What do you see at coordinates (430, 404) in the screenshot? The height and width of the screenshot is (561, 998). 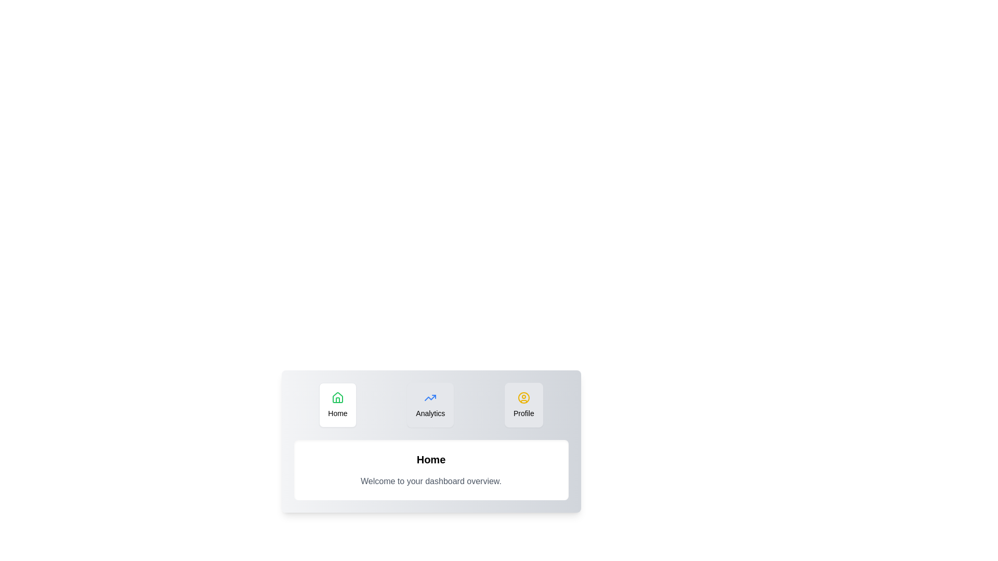 I see `the Analytics tab to observe the hover effect` at bounding box center [430, 404].